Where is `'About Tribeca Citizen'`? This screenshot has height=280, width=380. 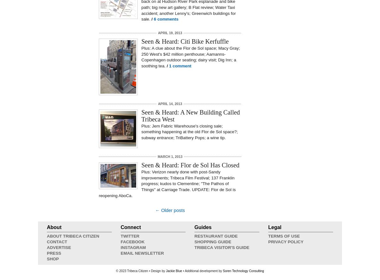
'About Tribeca Citizen' is located at coordinates (73, 236).